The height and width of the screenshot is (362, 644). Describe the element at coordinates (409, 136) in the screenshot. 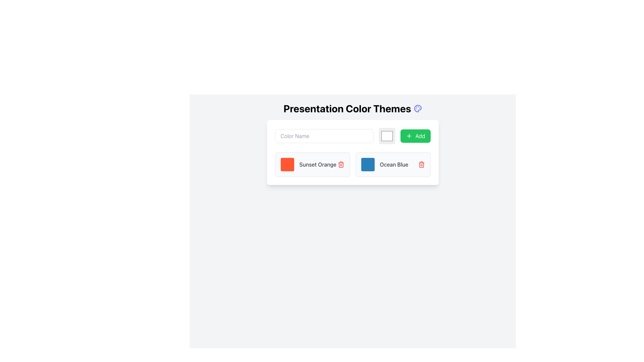

I see `the '+' SVG icon within the green 'Add' button located in the upper-right section of the 'Presentation Color Themes' panel` at that location.